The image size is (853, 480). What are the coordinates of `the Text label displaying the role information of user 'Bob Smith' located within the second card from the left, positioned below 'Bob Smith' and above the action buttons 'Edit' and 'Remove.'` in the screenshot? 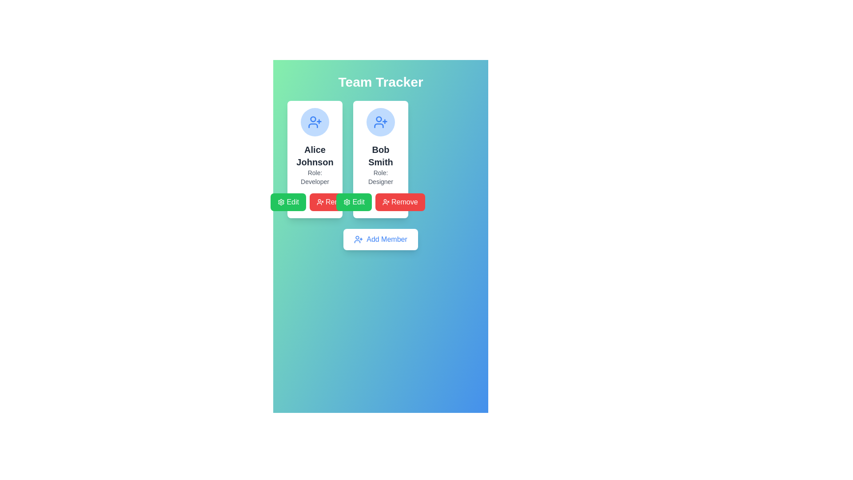 It's located at (381, 177).